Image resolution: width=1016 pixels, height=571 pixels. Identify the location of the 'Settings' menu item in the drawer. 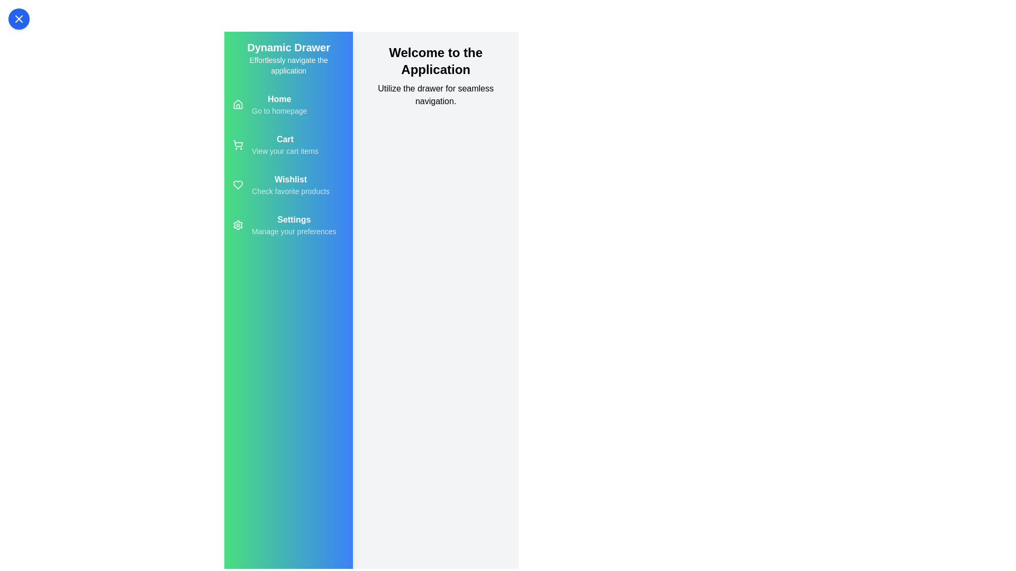
(294, 224).